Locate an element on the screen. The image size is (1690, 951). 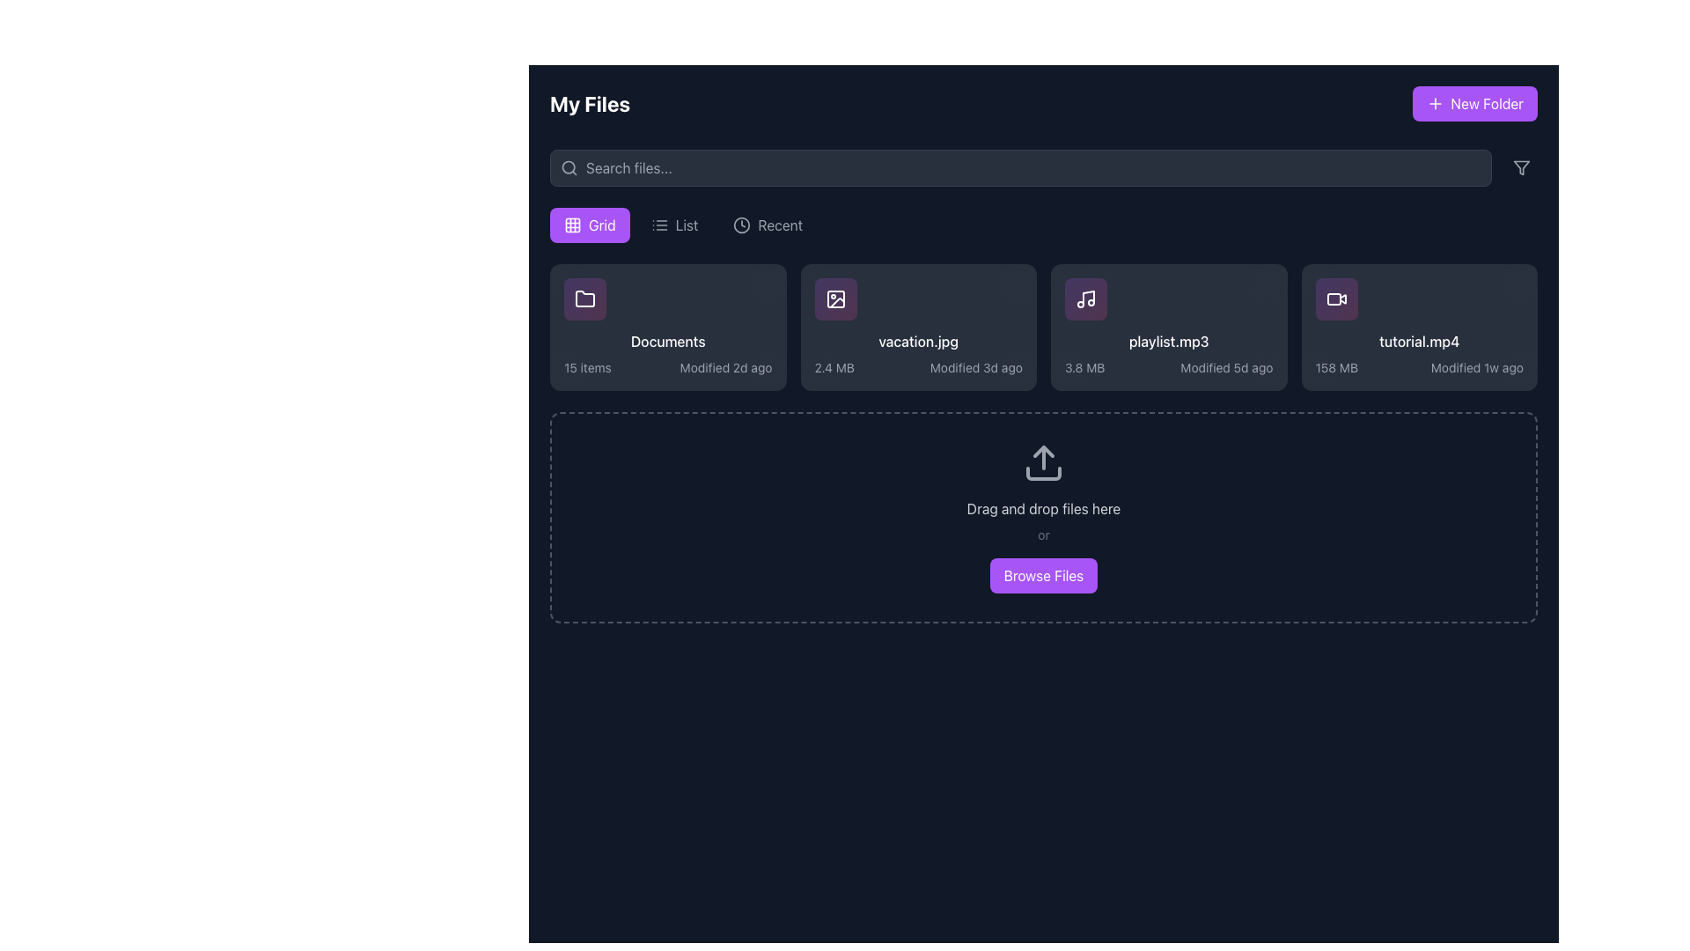
the image file icon located in the second item group of the interface, which serves as a visual representation for image file types is located at coordinates (835, 301).